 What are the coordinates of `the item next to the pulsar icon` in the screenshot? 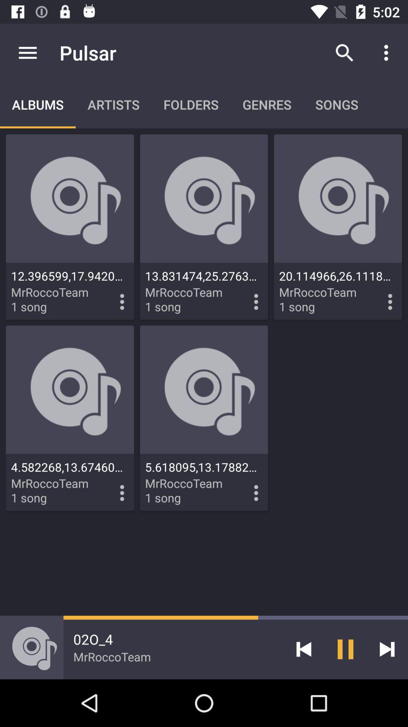 It's located at (27, 52).